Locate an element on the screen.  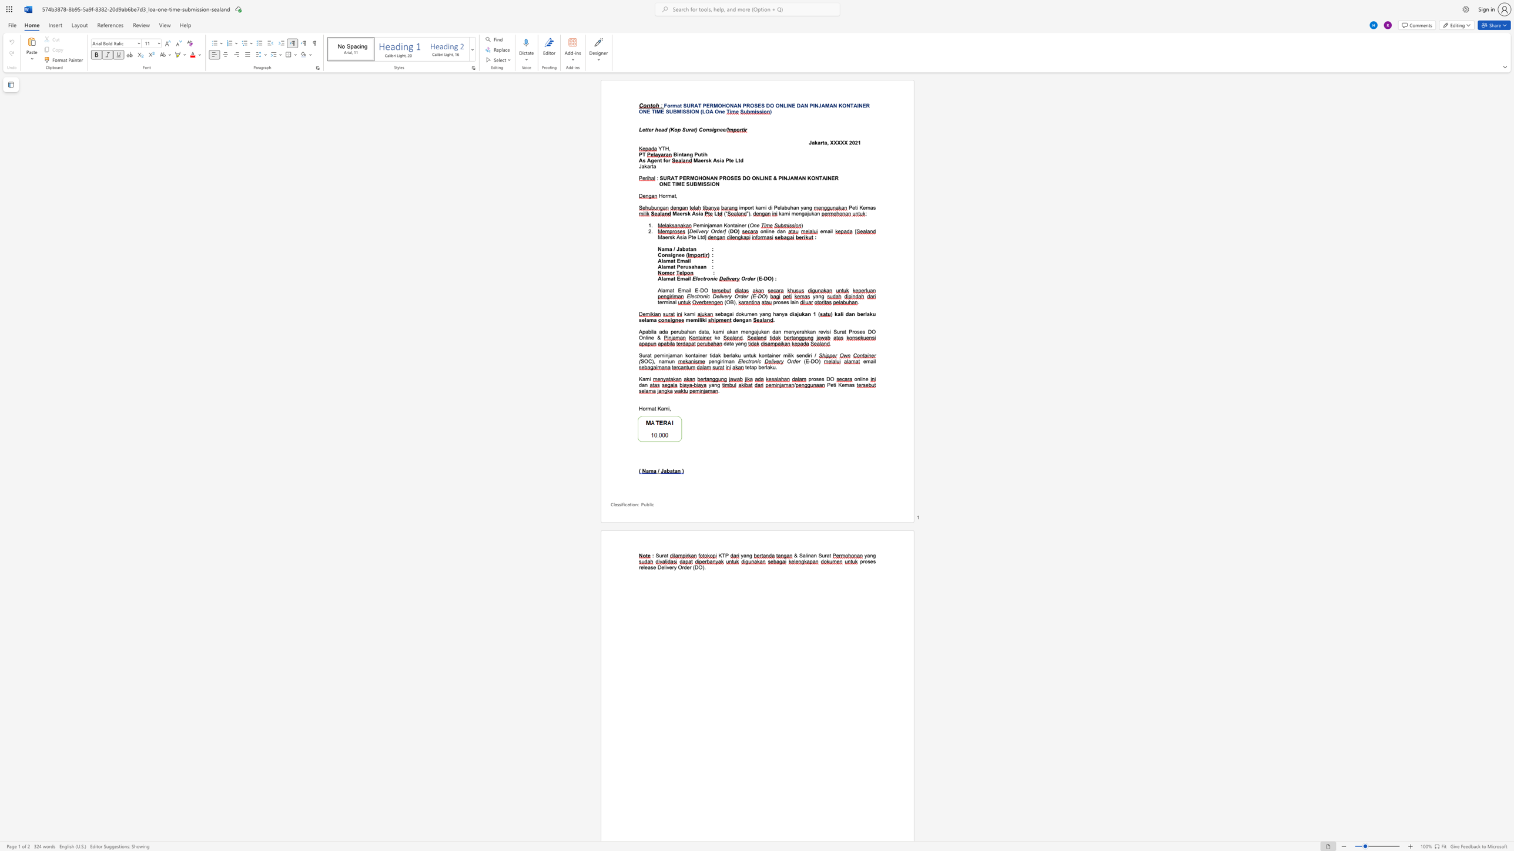
the subset text "DO" within the text "proses DO" is located at coordinates (826, 378).